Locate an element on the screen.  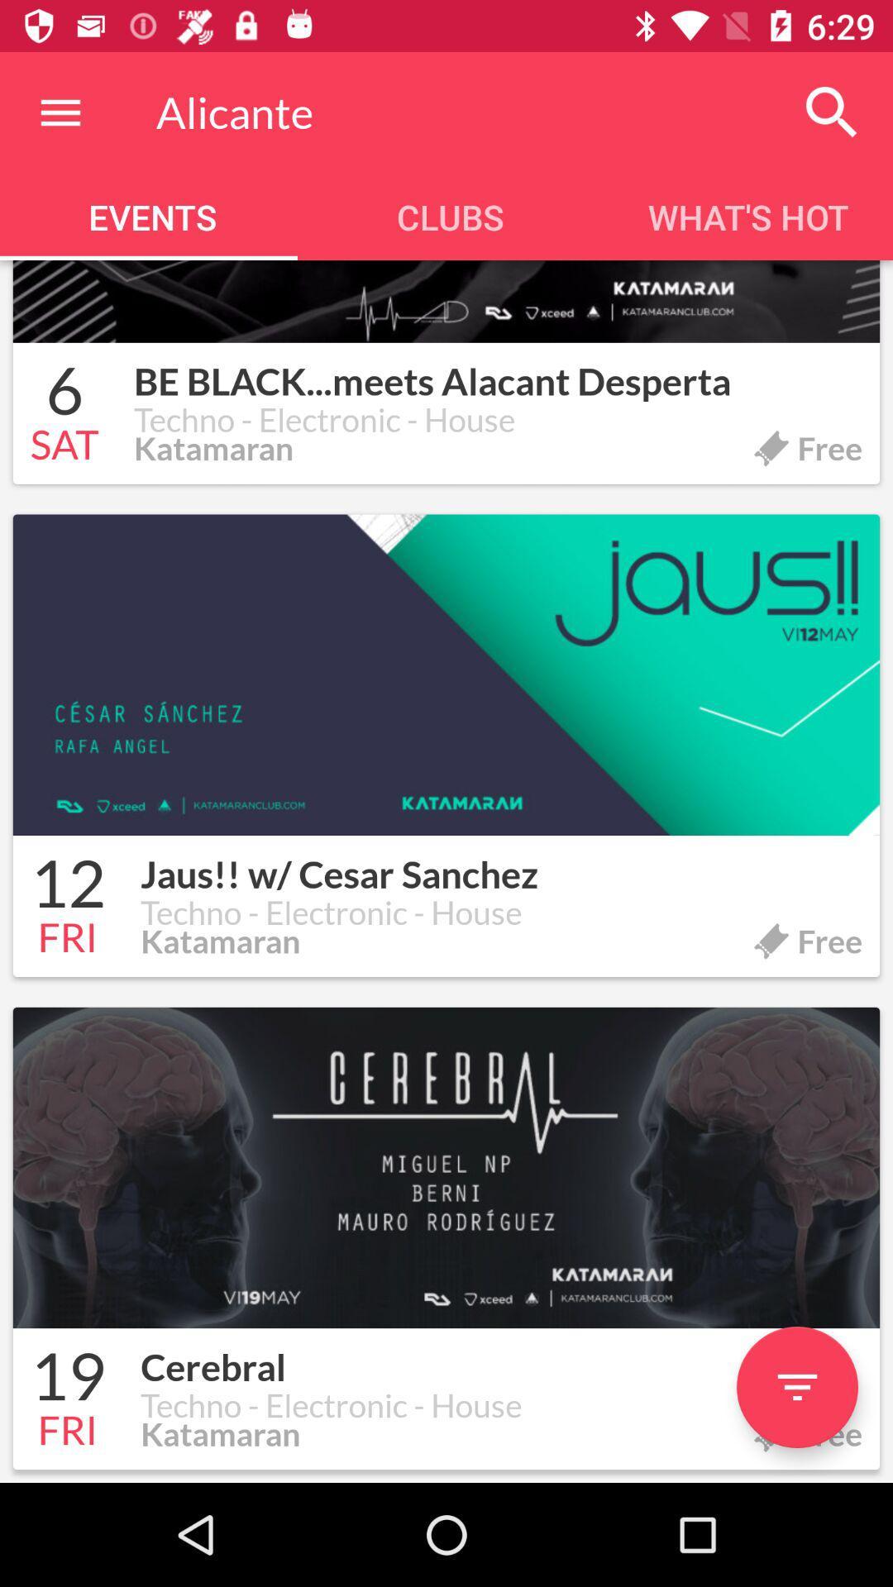
item to the right of alicante item is located at coordinates (832, 112).